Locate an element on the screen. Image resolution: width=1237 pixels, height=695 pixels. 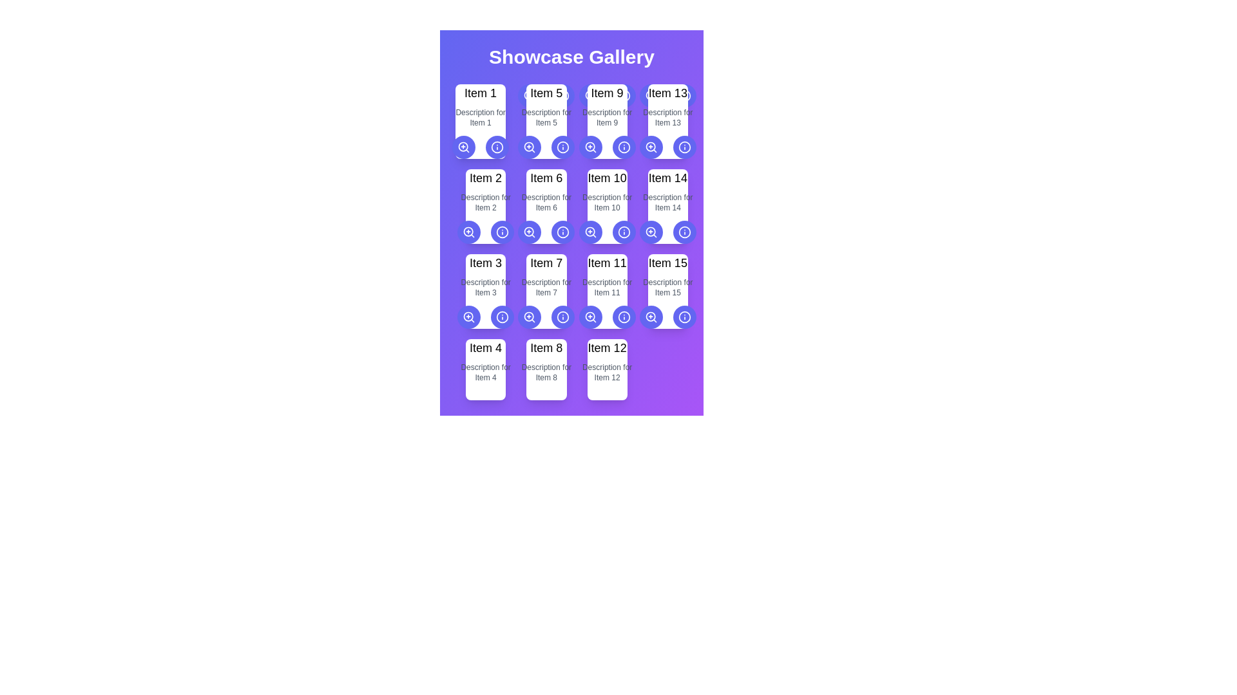
the static informational card displaying information about 'Item 10', which is located in the second row and the third column of the grid layout is located at coordinates (606, 205).